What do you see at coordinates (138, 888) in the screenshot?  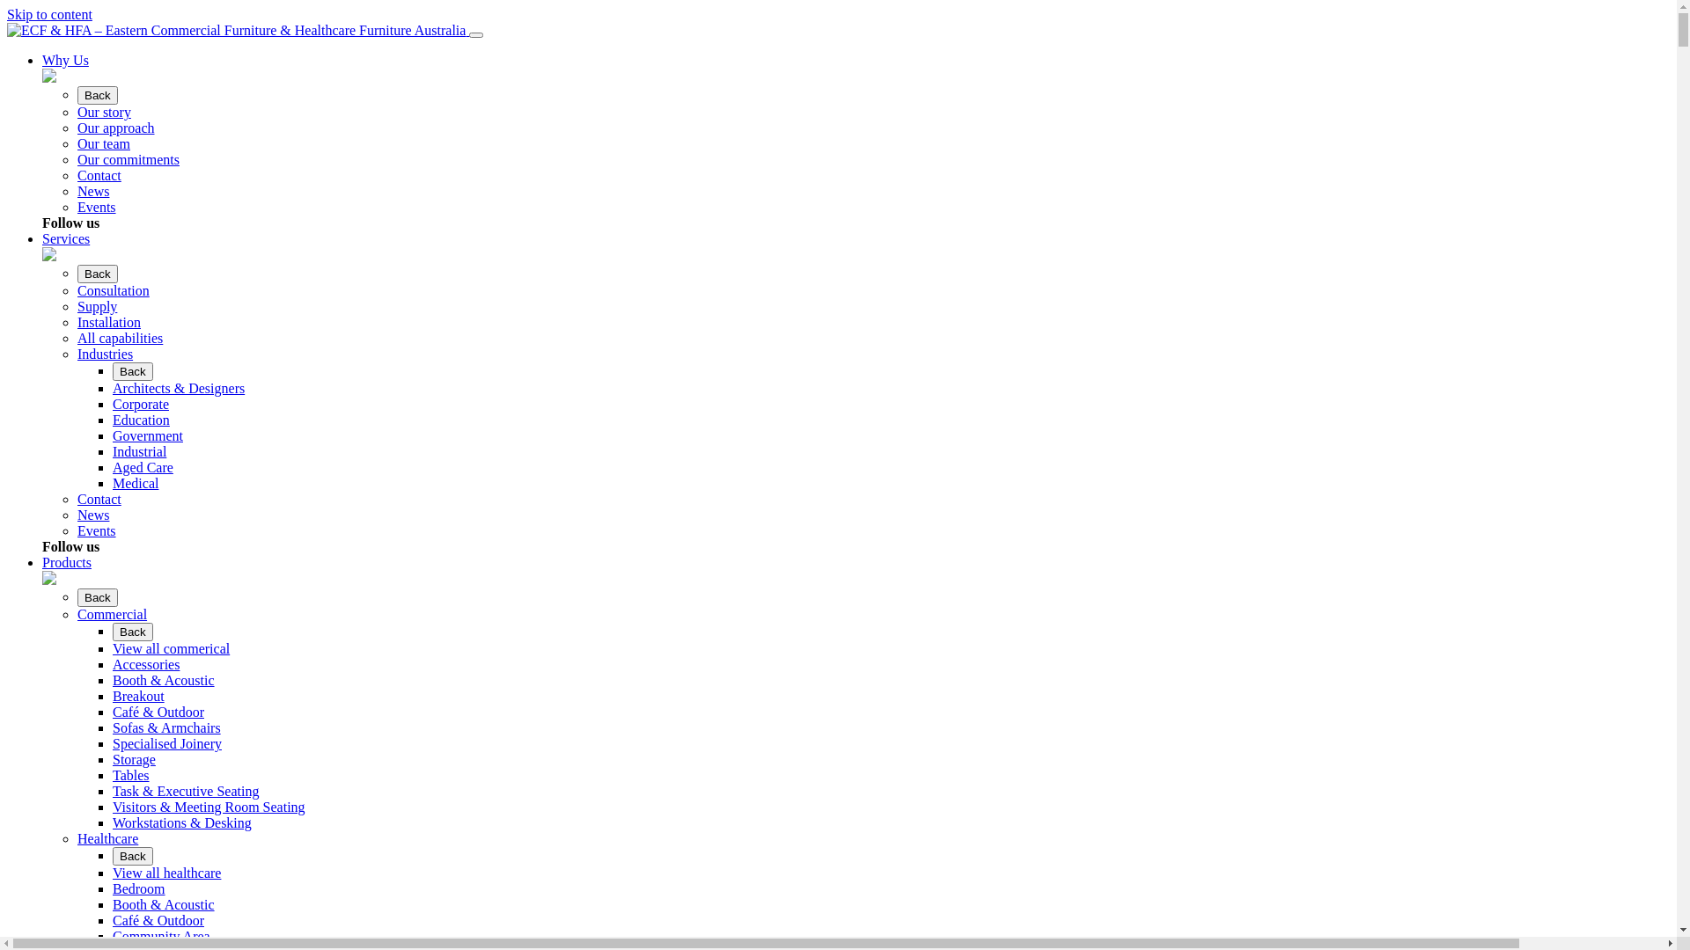 I see `'Bedroom'` at bounding box center [138, 888].